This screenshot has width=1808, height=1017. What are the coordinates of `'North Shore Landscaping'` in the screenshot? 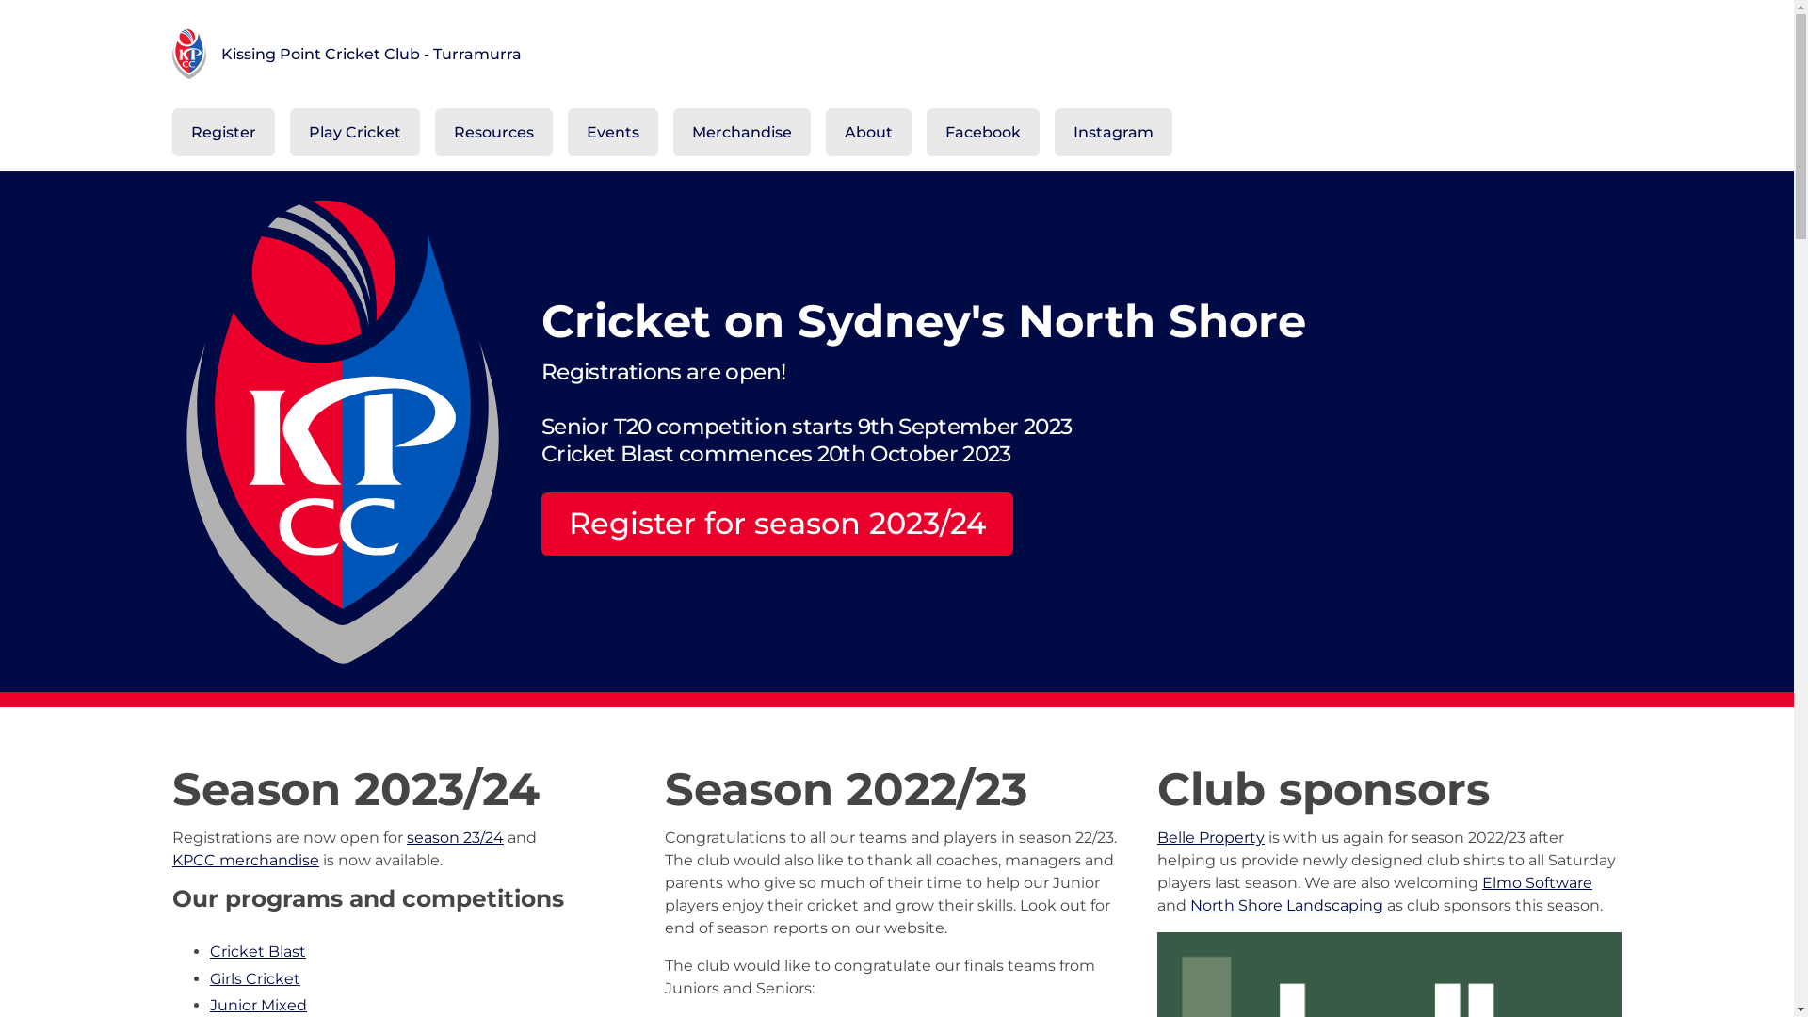 It's located at (1285, 904).